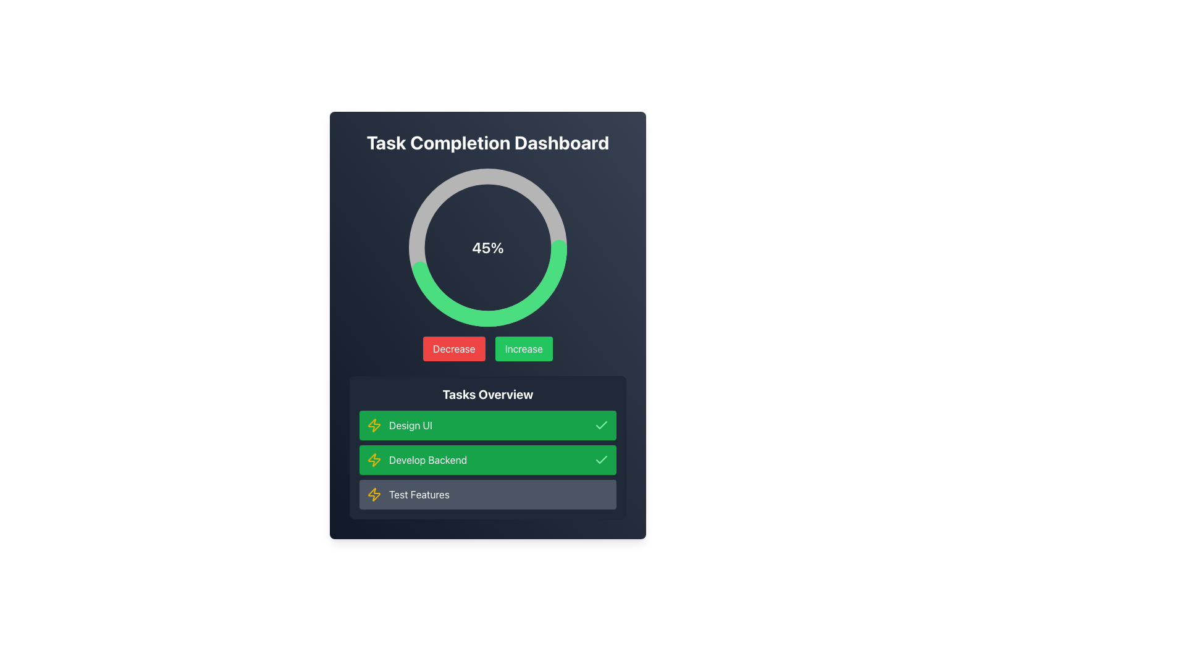  I want to click on the lightning bolt icon with a yellow color and 'zap' symbol, located within a rectangular green background indicating an active task, positioned to the left of the 'Develop Backend' text in the second row of the task overview section, so click(373, 459).